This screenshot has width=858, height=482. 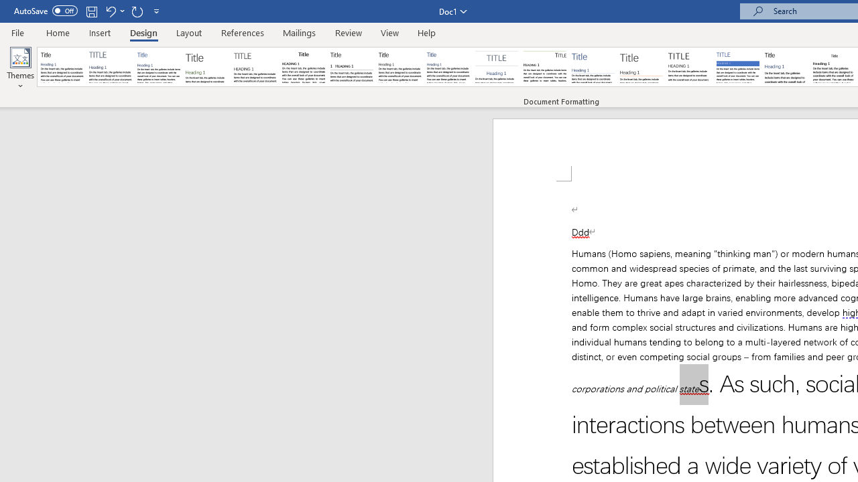 What do you see at coordinates (20, 69) in the screenshot?
I see `'Themes'` at bounding box center [20, 69].